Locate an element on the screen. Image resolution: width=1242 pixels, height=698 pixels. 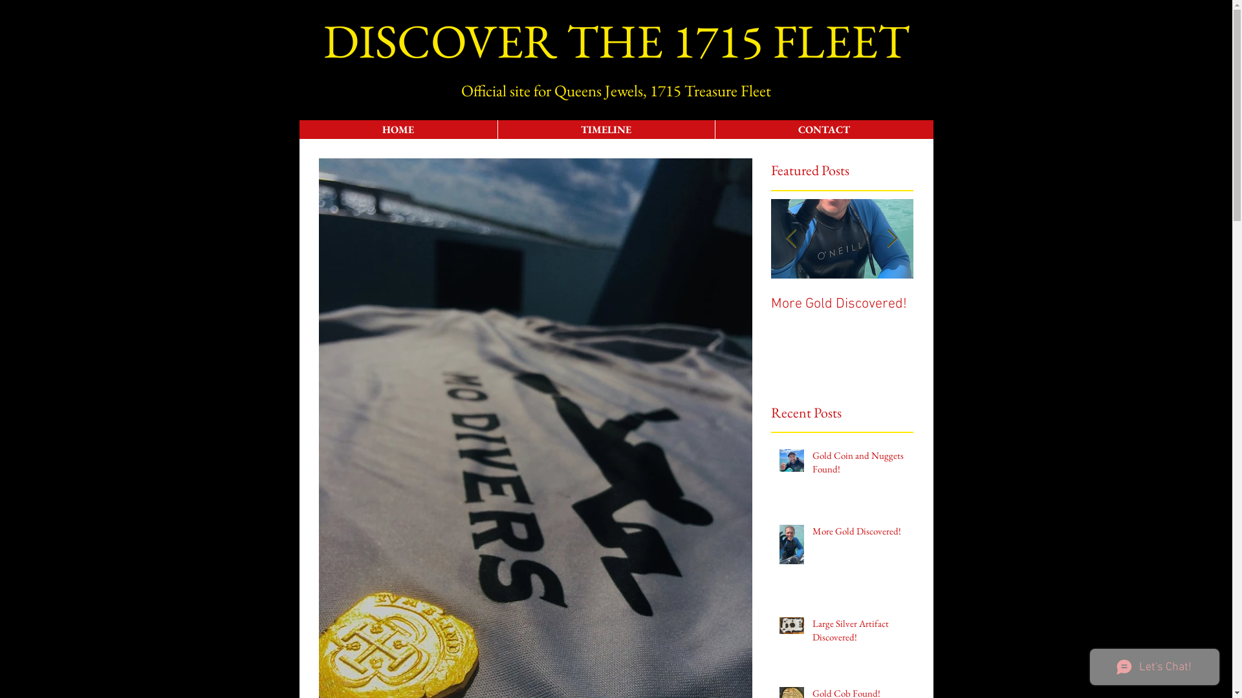
'Official site for Queens Jewels, 1715 Treasure Fleet' is located at coordinates (615, 89).